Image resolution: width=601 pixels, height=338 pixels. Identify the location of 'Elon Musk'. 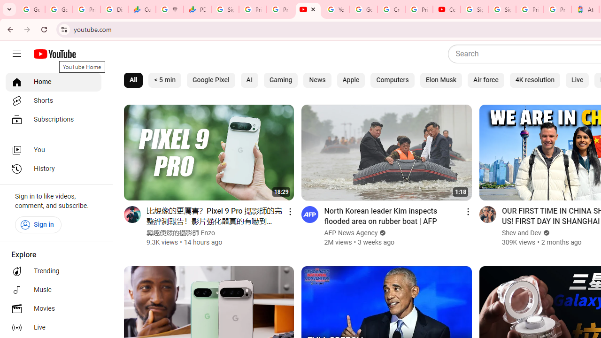
(440, 80).